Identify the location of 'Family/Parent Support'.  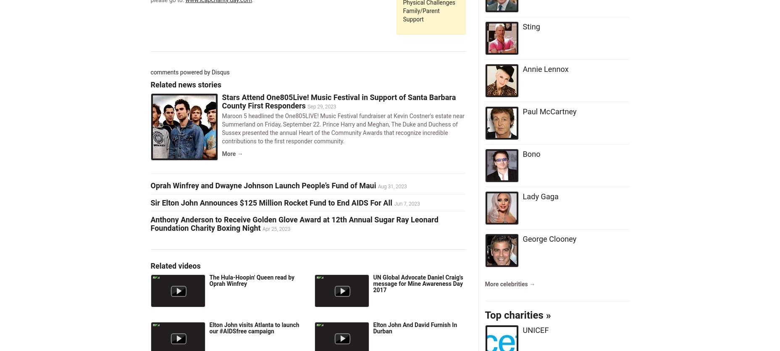
(421, 14).